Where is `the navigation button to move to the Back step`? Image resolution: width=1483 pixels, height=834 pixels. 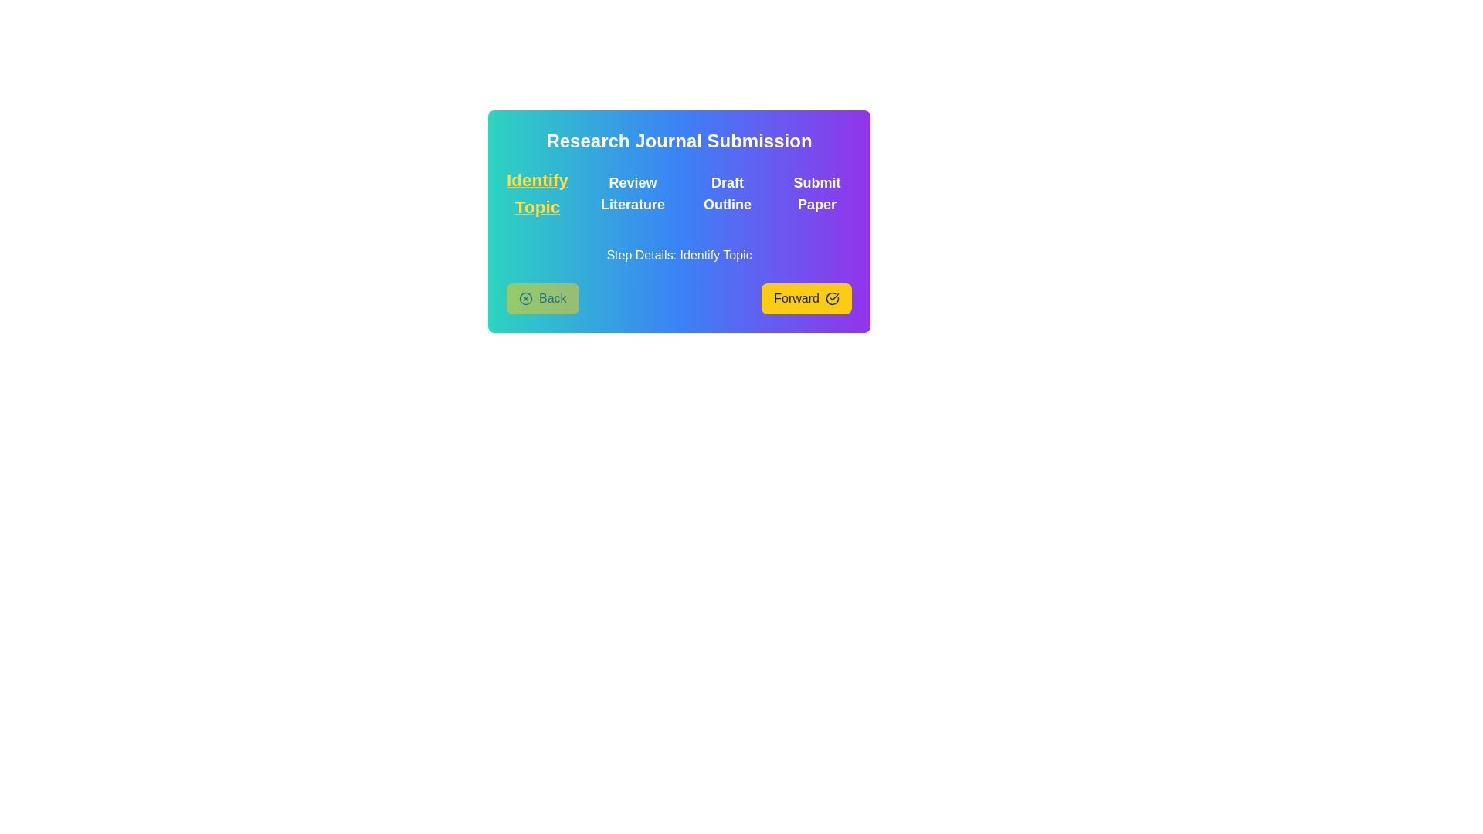 the navigation button to move to the Back step is located at coordinates (542, 298).